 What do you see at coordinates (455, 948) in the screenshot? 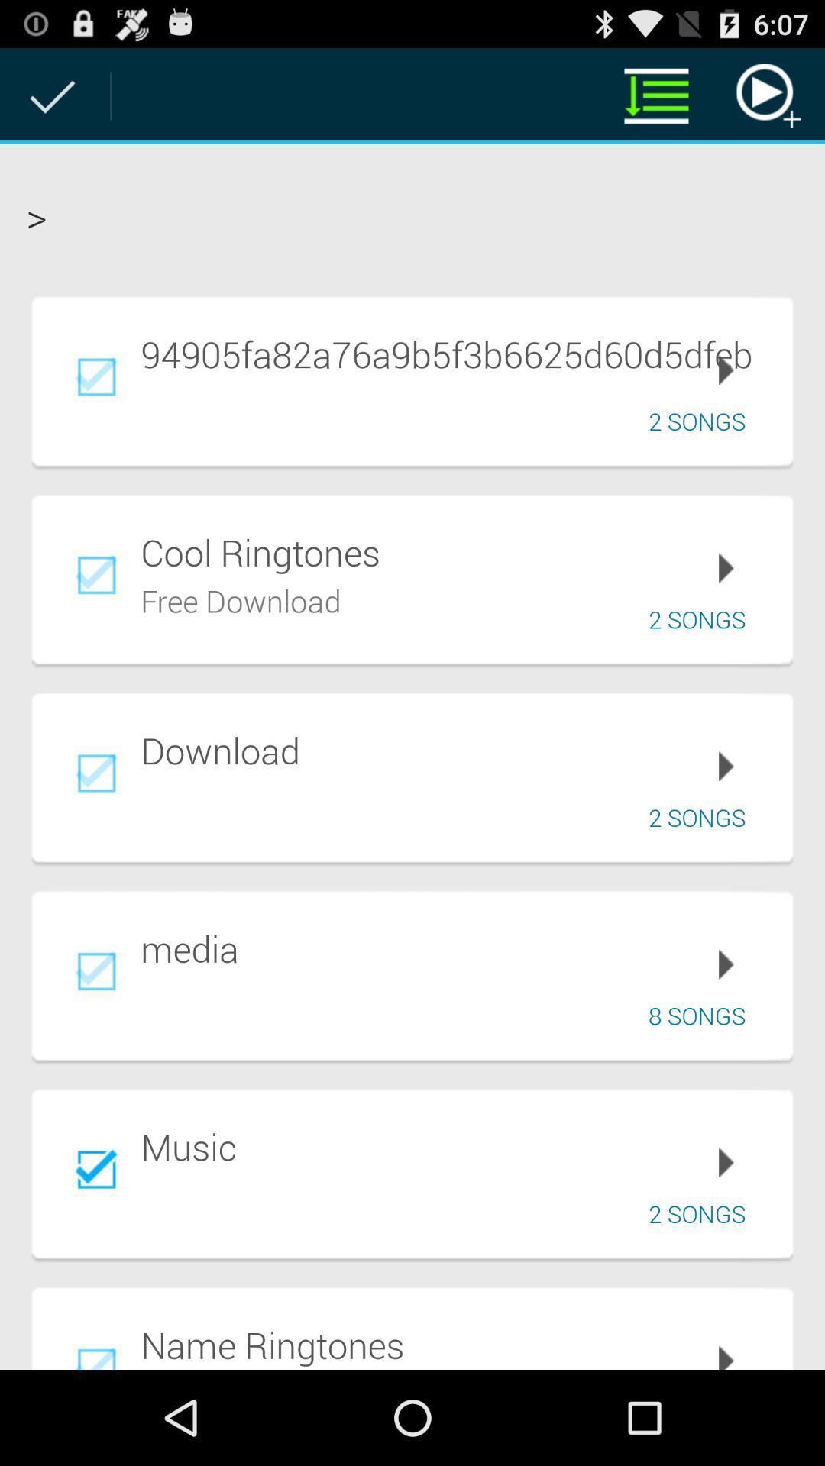
I see `app below the 2 songs icon` at bounding box center [455, 948].